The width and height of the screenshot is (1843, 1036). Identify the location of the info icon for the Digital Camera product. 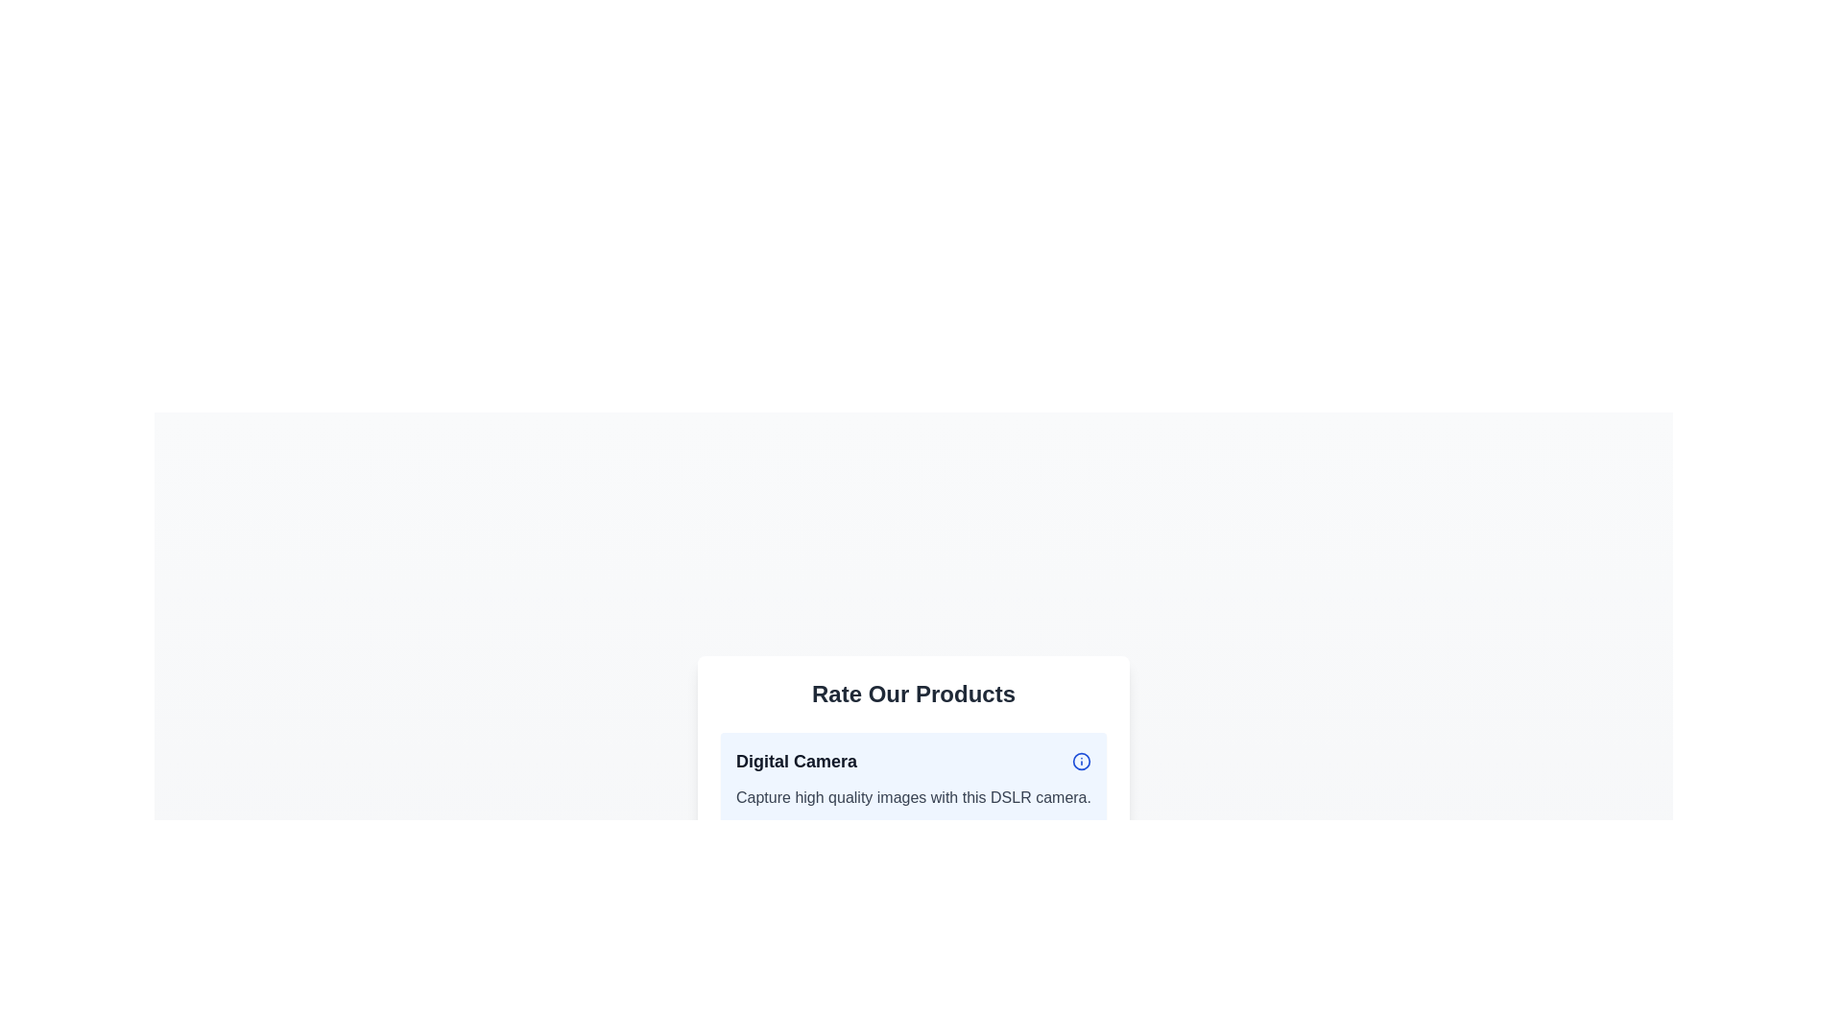
(1082, 761).